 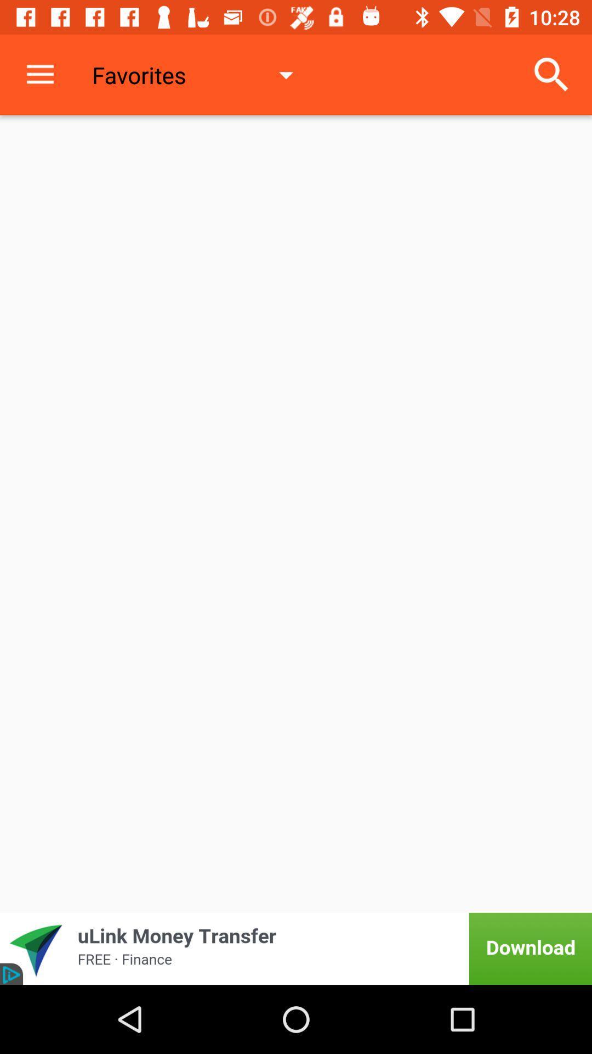 I want to click on advertisement, so click(x=296, y=948).